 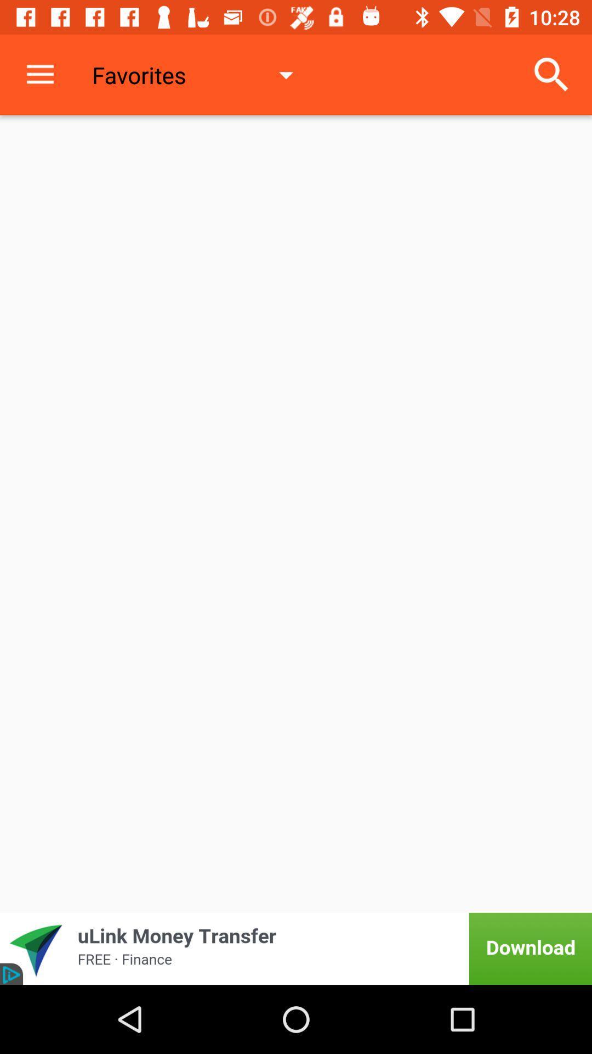 I want to click on advertisement, so click(x=296, y=948).